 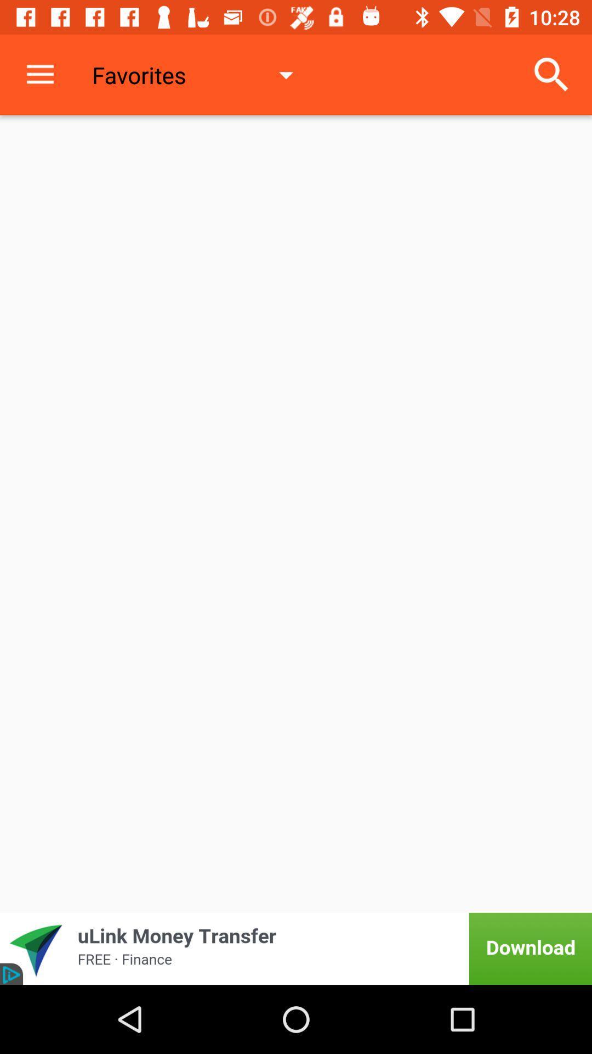 I want to click on advertisement, so click(x=296, y=948).